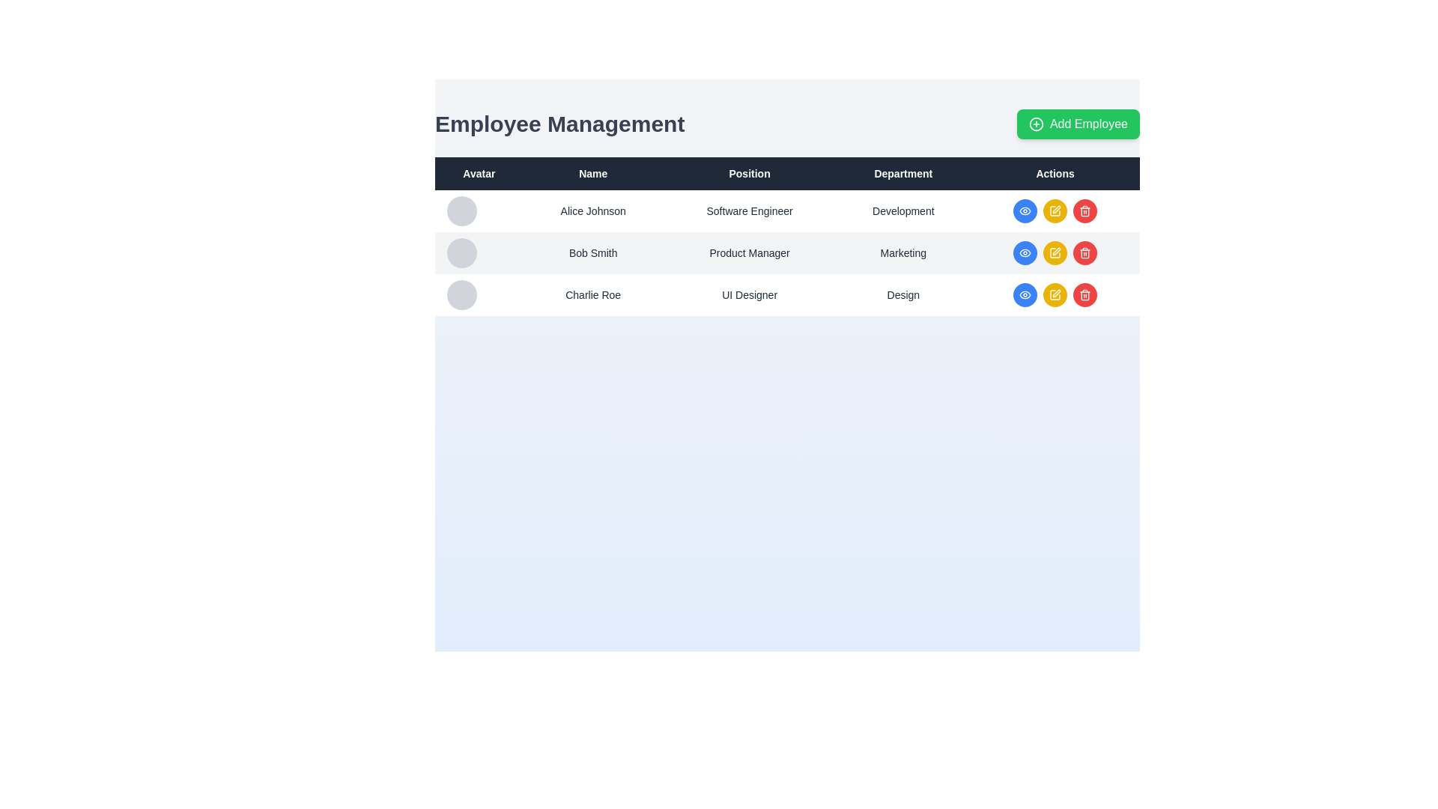 The image size is (1438, 809). What do you see at coordinates (1055, 294) in the screenshot?
I see `the middle 'edit' button in the row of three circular buttons under the 'Actions' column for the employee 'Charlie Roe' to initiate the edit functionality` at bounding box center [1055, 294].